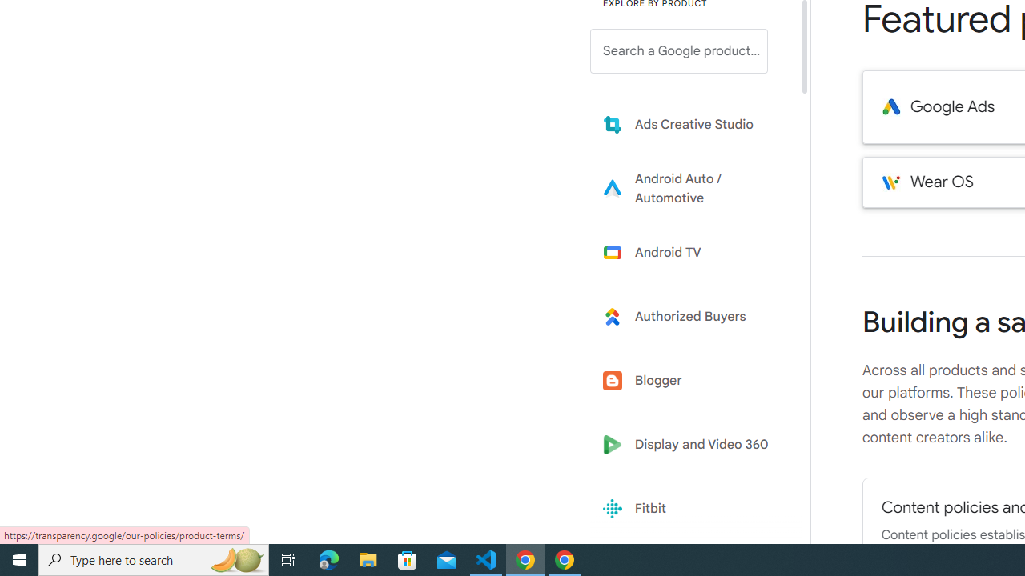  I want to click on 'Fitbit', so click(690, 509).